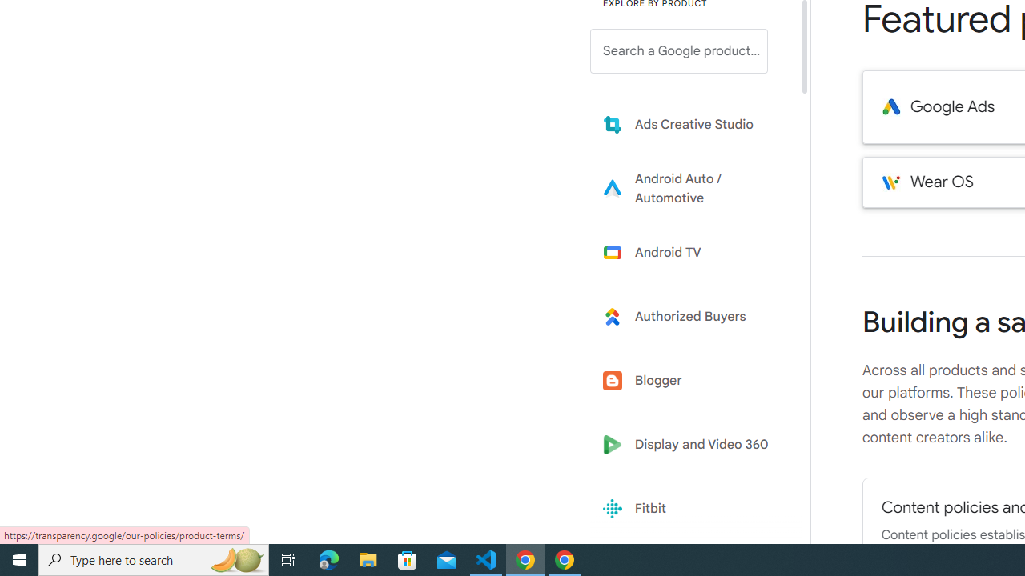  I want to click on 'Fitbit', so click(690, 509).